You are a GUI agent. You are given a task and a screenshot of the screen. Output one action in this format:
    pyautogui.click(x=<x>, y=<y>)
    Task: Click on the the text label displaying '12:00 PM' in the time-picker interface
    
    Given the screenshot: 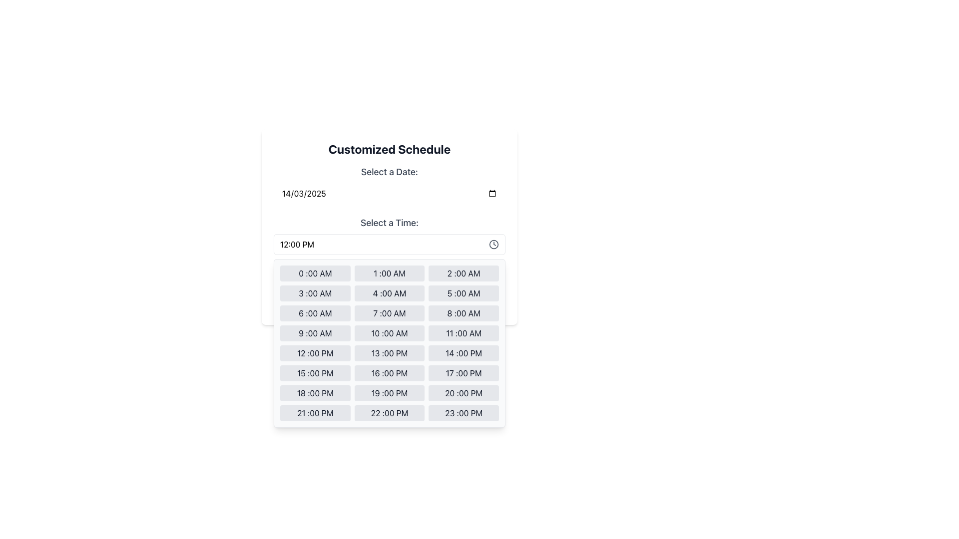 What is the action you would take?
    pyautogui.click(x=297, y=244)
    